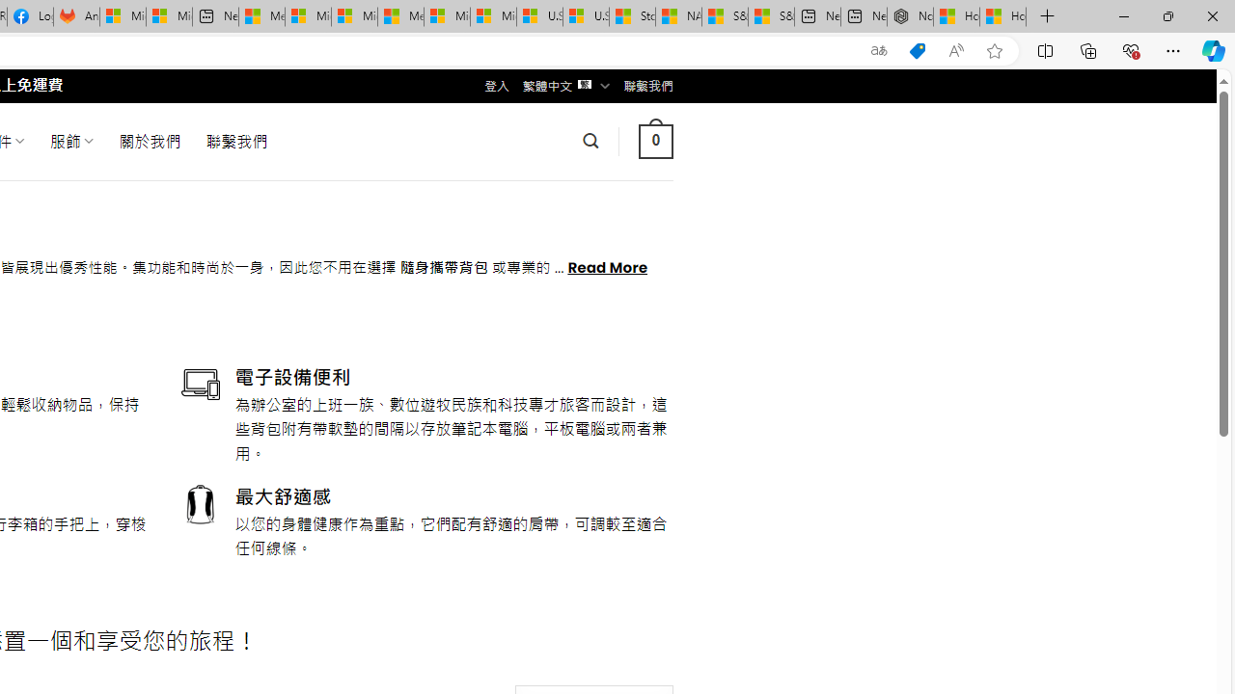  I want to click on 'How to Use a Monitor With Your Closed Laptop', so click(1003, 16).